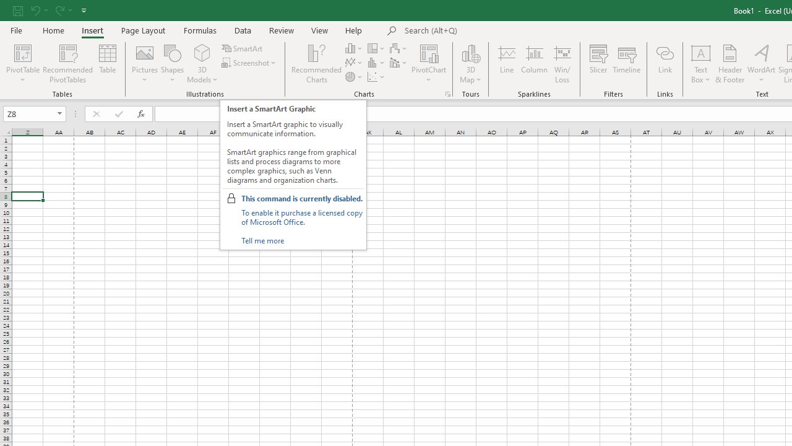 Image resolution: width=792 pixels, height=446 pixels. What do you see at coordinates (23, 64) in the screenshot?
I see `'PivotTable'` at bounding box center [23, 64].